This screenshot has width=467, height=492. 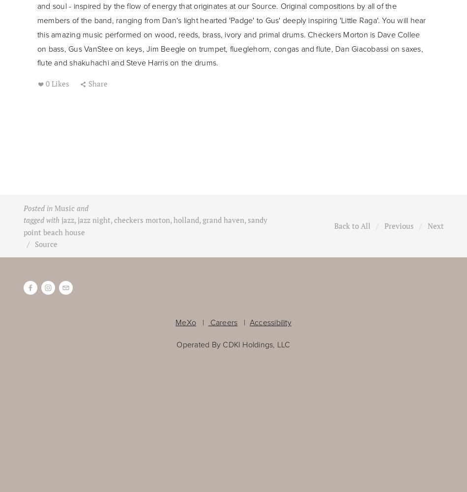 I want to click on 'jazz', so click(x=67, y=219).